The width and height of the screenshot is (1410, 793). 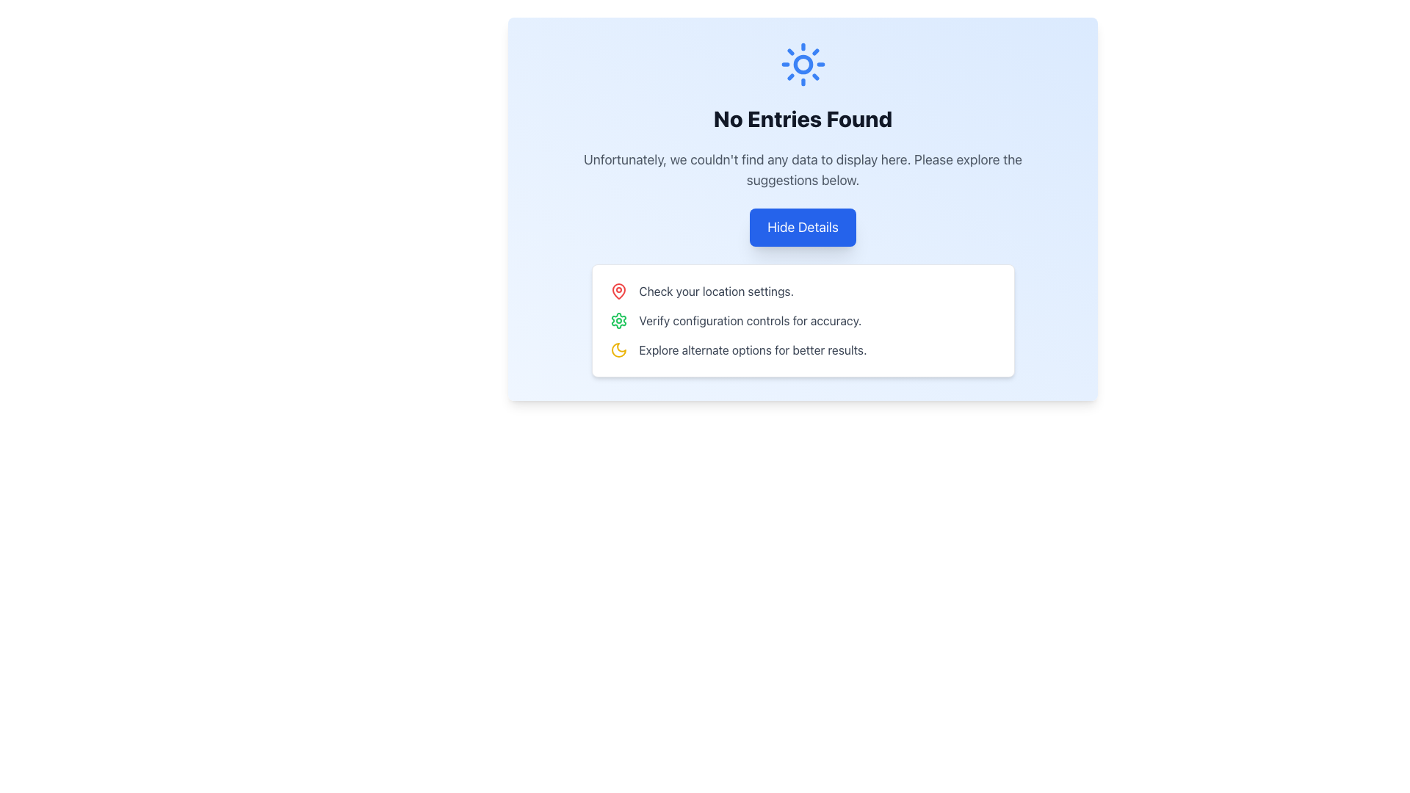 What do you see at coordinates (716, 292) in the screenshot?
I see `the Text Label that provides suggestions to adjust location-related settings, located beneath the 'No Entries Found' heading and to the right of a map pin icon` at bounding box center [716, 292].